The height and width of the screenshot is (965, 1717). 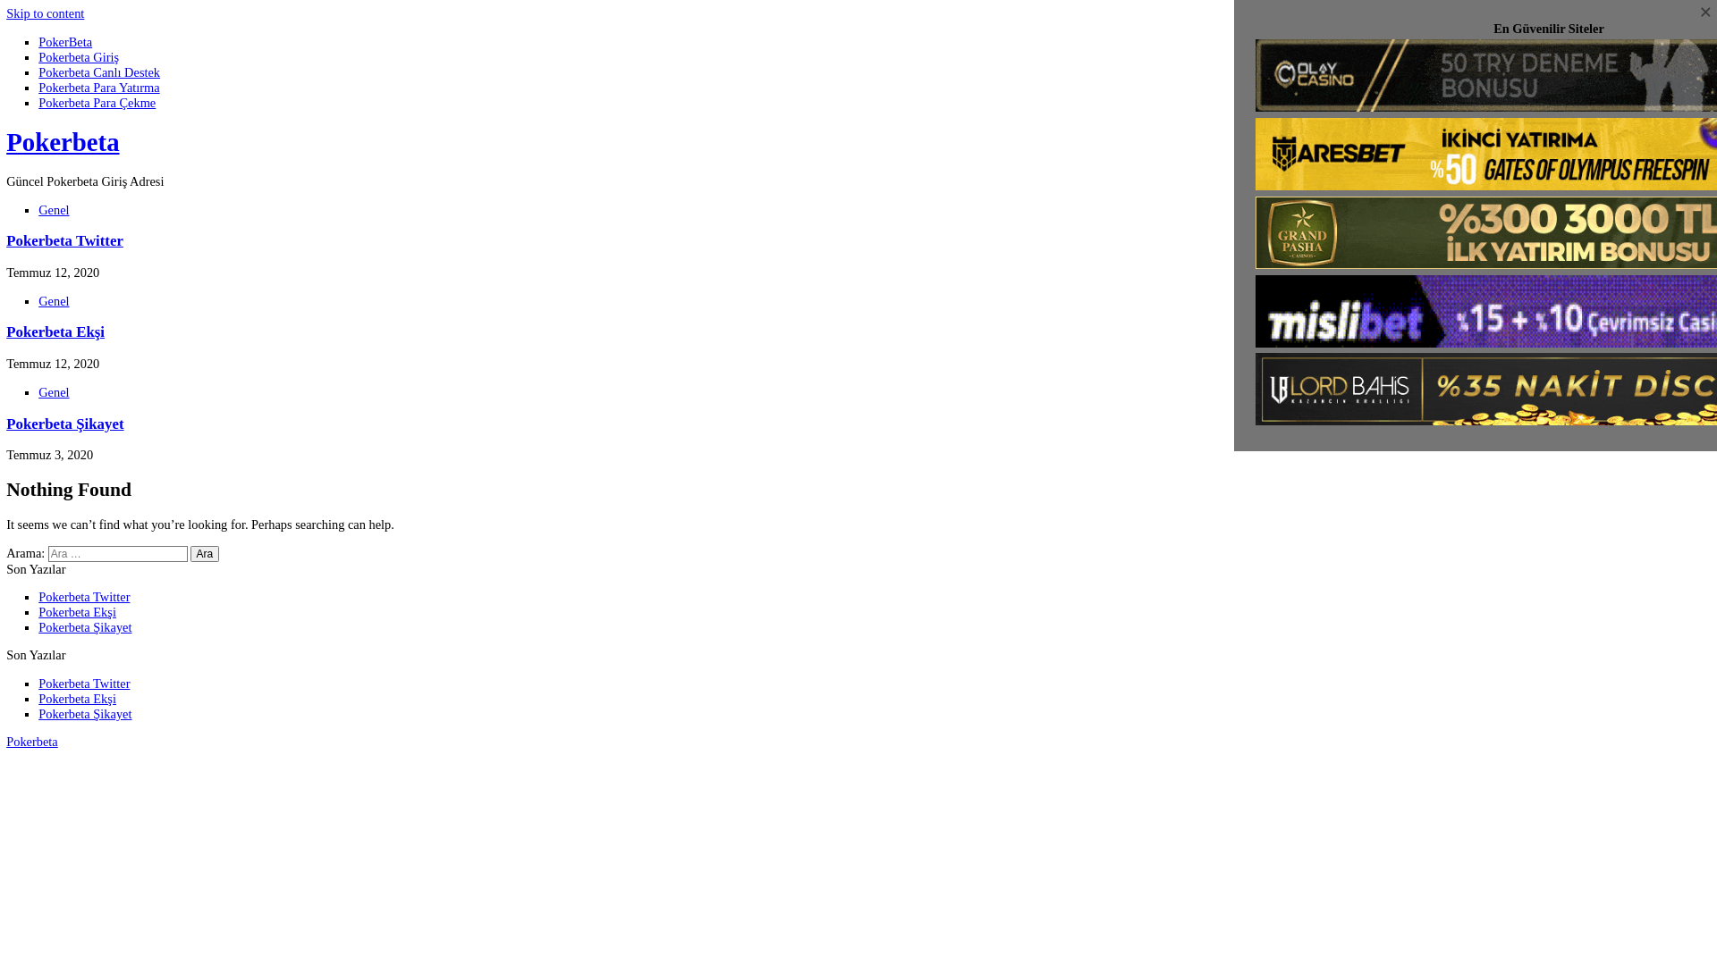 What do you see at coordinates (43, 662) in the screenshot?
I see `'Pokerbeta Twitter'` at bounding box center [43, 662].